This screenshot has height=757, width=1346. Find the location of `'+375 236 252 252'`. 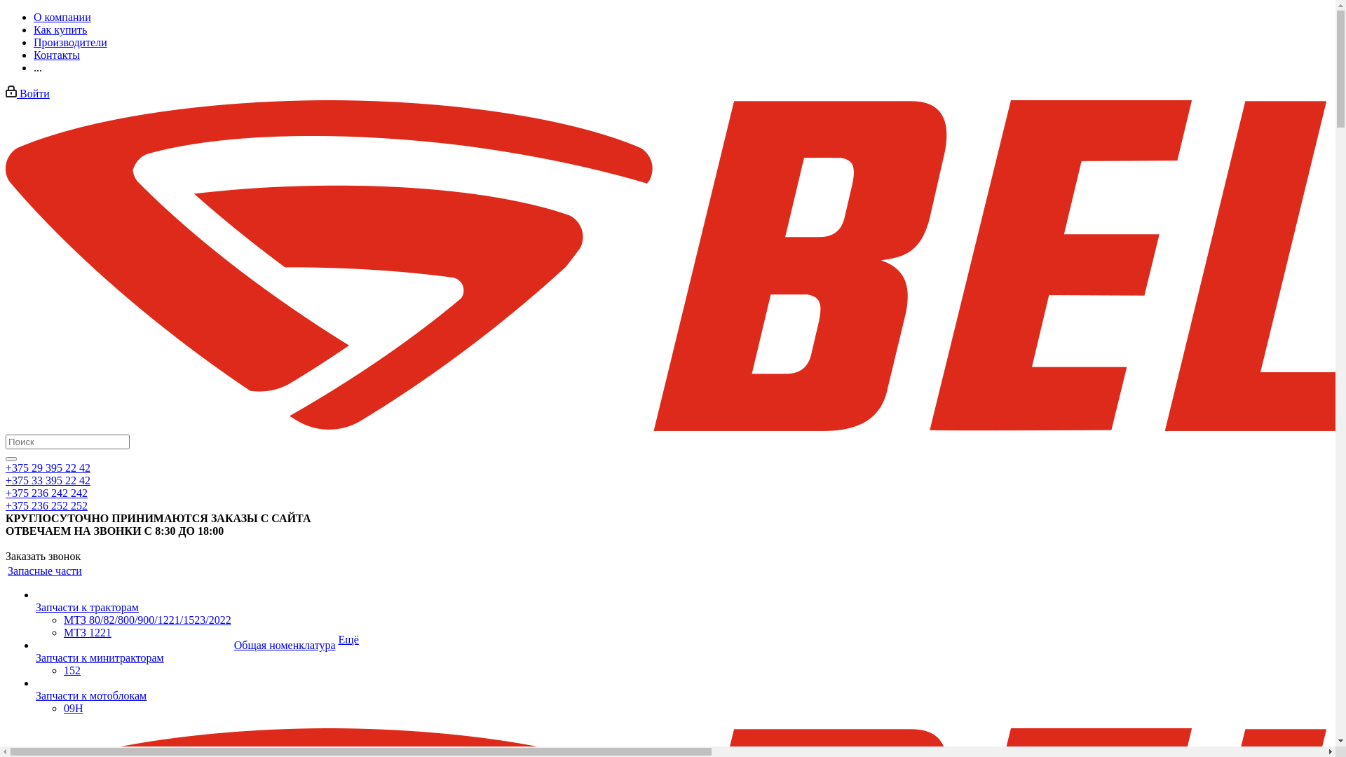

'+375 236 252 252' is located at coordinates (46, 505).